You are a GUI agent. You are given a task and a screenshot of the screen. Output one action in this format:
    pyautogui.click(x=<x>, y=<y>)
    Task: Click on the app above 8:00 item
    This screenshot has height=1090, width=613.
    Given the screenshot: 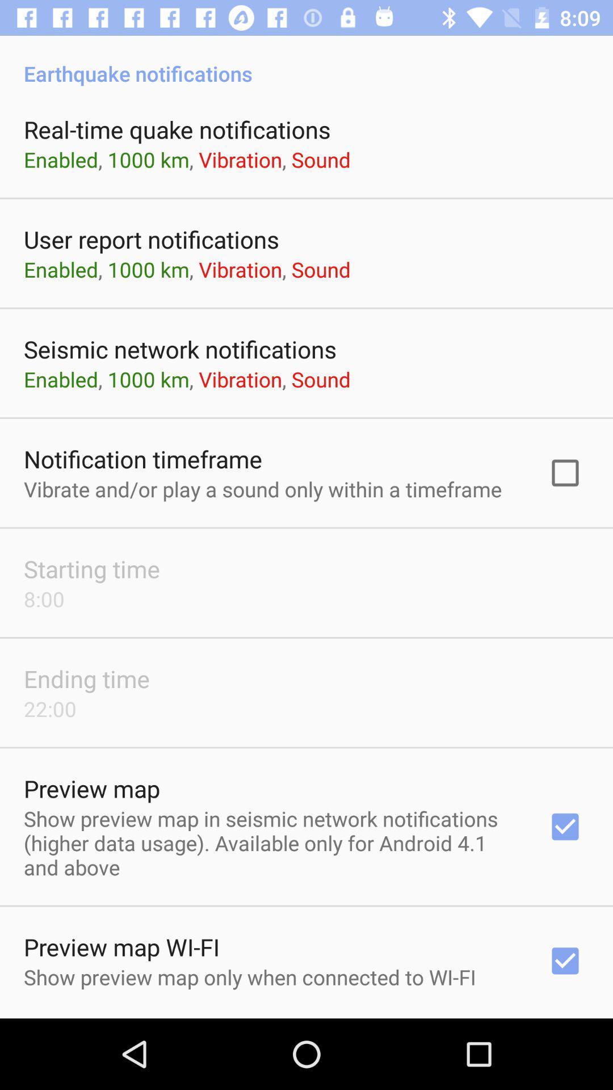 What is the action you would take?
    pyautogui.click(x=91, y=569)
    